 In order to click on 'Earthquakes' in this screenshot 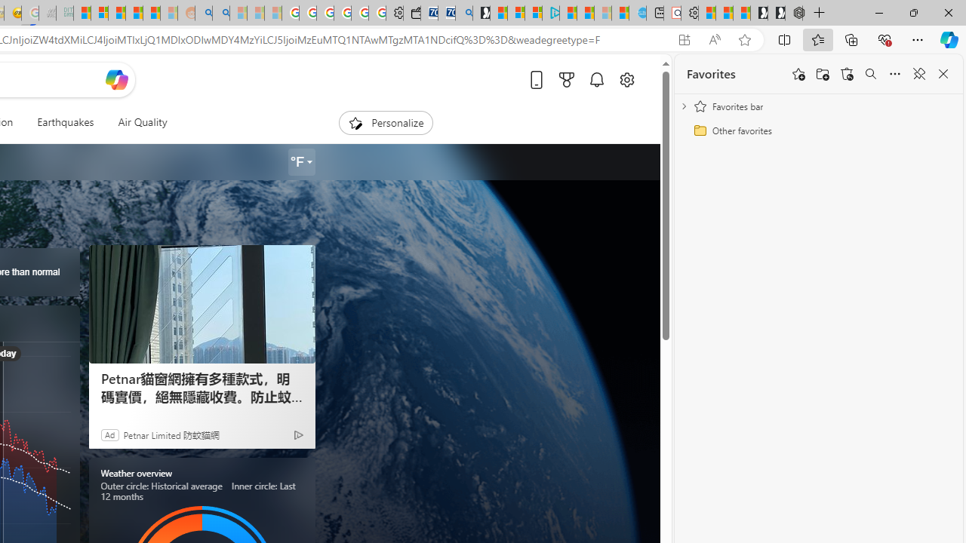, I will do `click(65, 122)`.